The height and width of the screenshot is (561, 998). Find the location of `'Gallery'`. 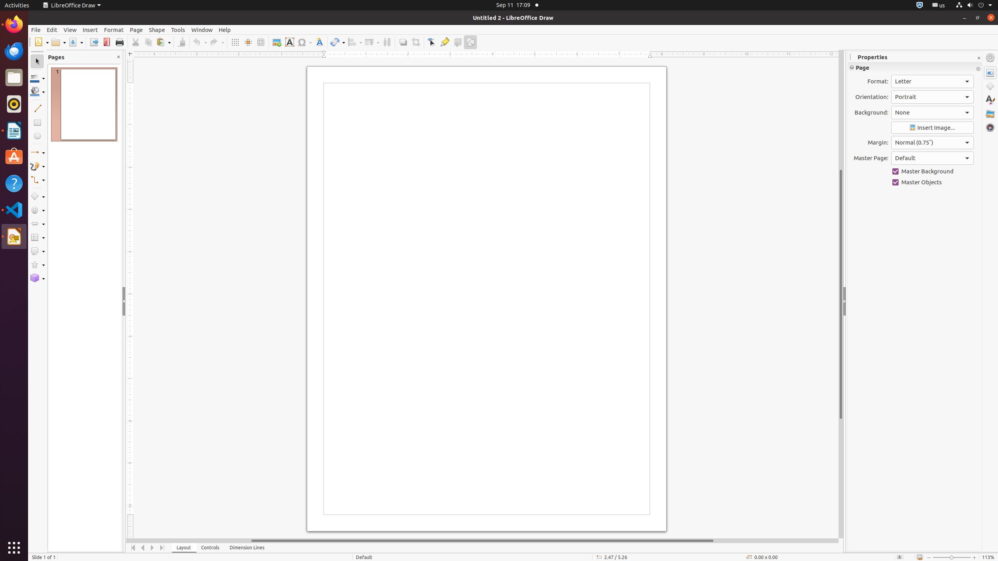

'Gallery' is located at coordinates (990, 113).